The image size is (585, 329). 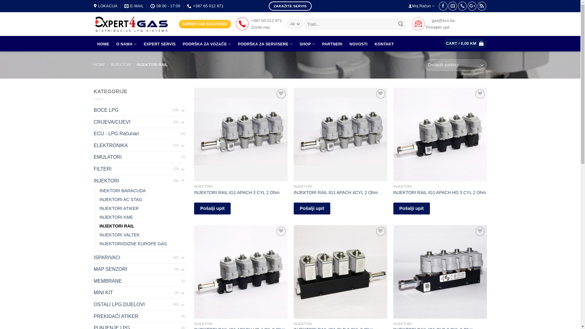 What do you see at coordinates (133, 6) in the screenshot?
I see `'E-MAIL'` at bounding box center [133, 6].